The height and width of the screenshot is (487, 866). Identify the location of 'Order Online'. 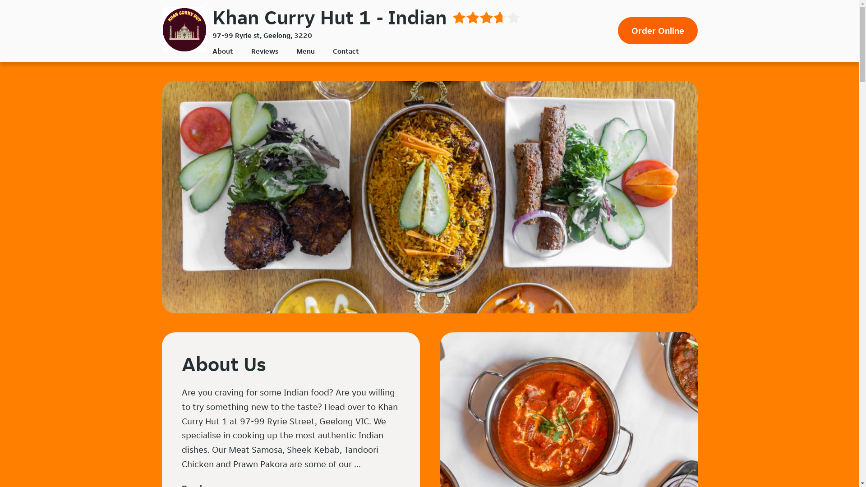
(617, 30).